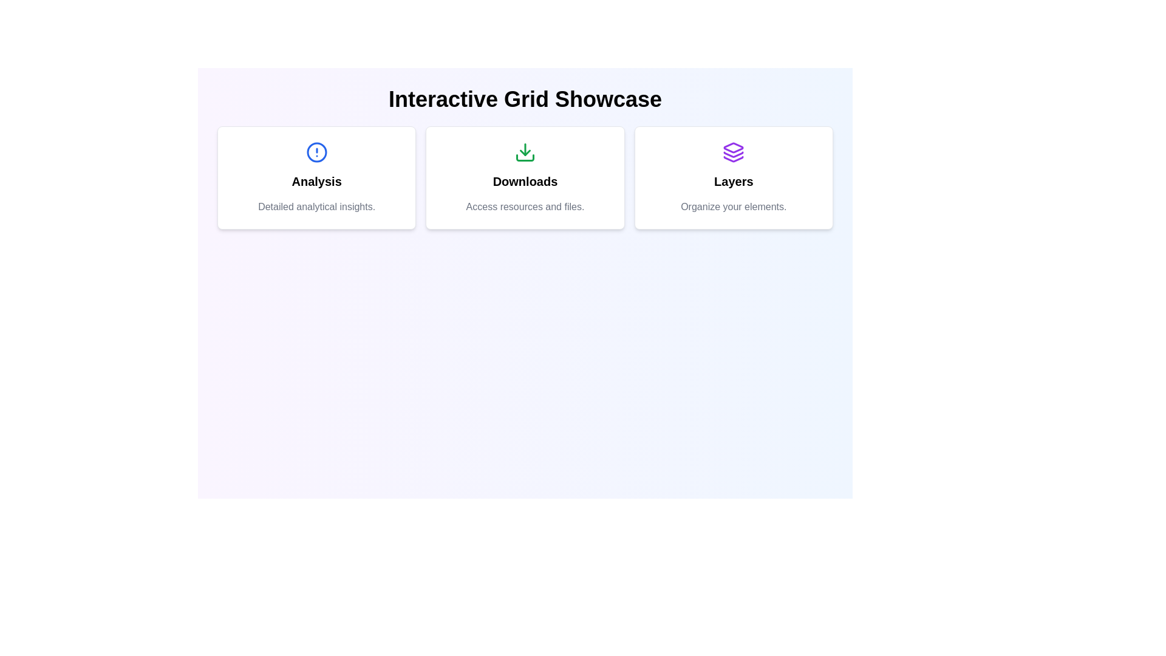  What do you see at coordinates (733, 151) in the screenshot?
I see `the Icon illustrating layered rectangles, which is a purple modern line art symbol for layers, positioned at the top of the 'Layers' card` at bounding box center [733, 151].